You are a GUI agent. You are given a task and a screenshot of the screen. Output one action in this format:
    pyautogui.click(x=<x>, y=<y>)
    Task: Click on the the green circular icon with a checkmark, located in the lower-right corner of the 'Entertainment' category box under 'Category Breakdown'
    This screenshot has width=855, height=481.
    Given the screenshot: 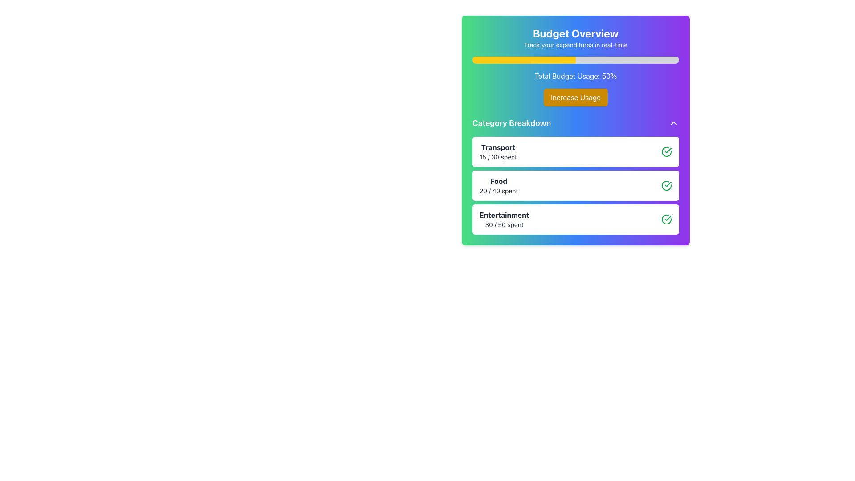 What is the action you would take?
    pyautogui.click(x=667, y=220)
    